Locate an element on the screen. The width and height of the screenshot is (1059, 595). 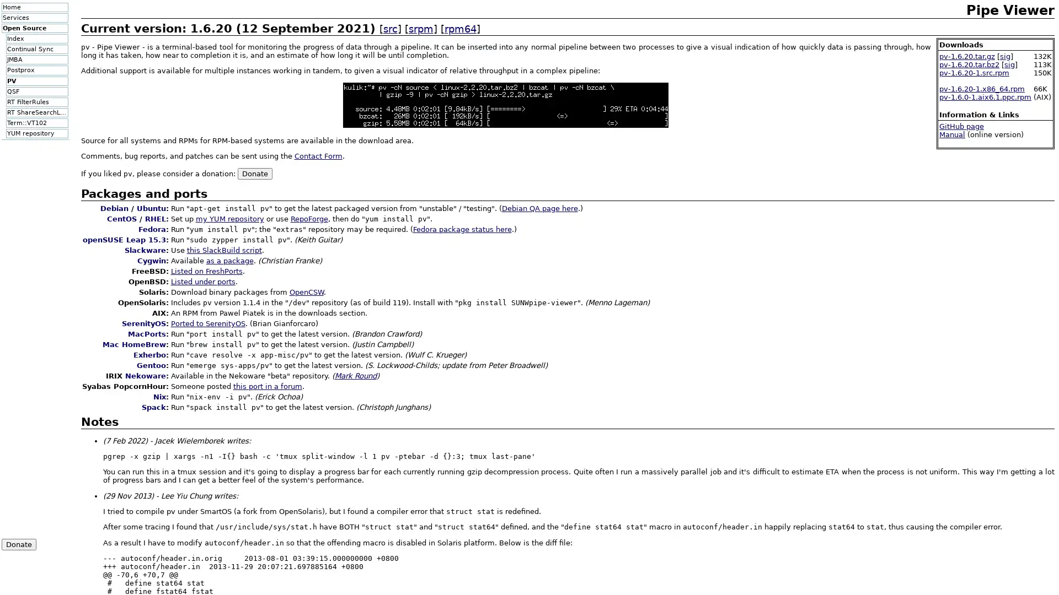
Donate is located at coordinates (18, 543).